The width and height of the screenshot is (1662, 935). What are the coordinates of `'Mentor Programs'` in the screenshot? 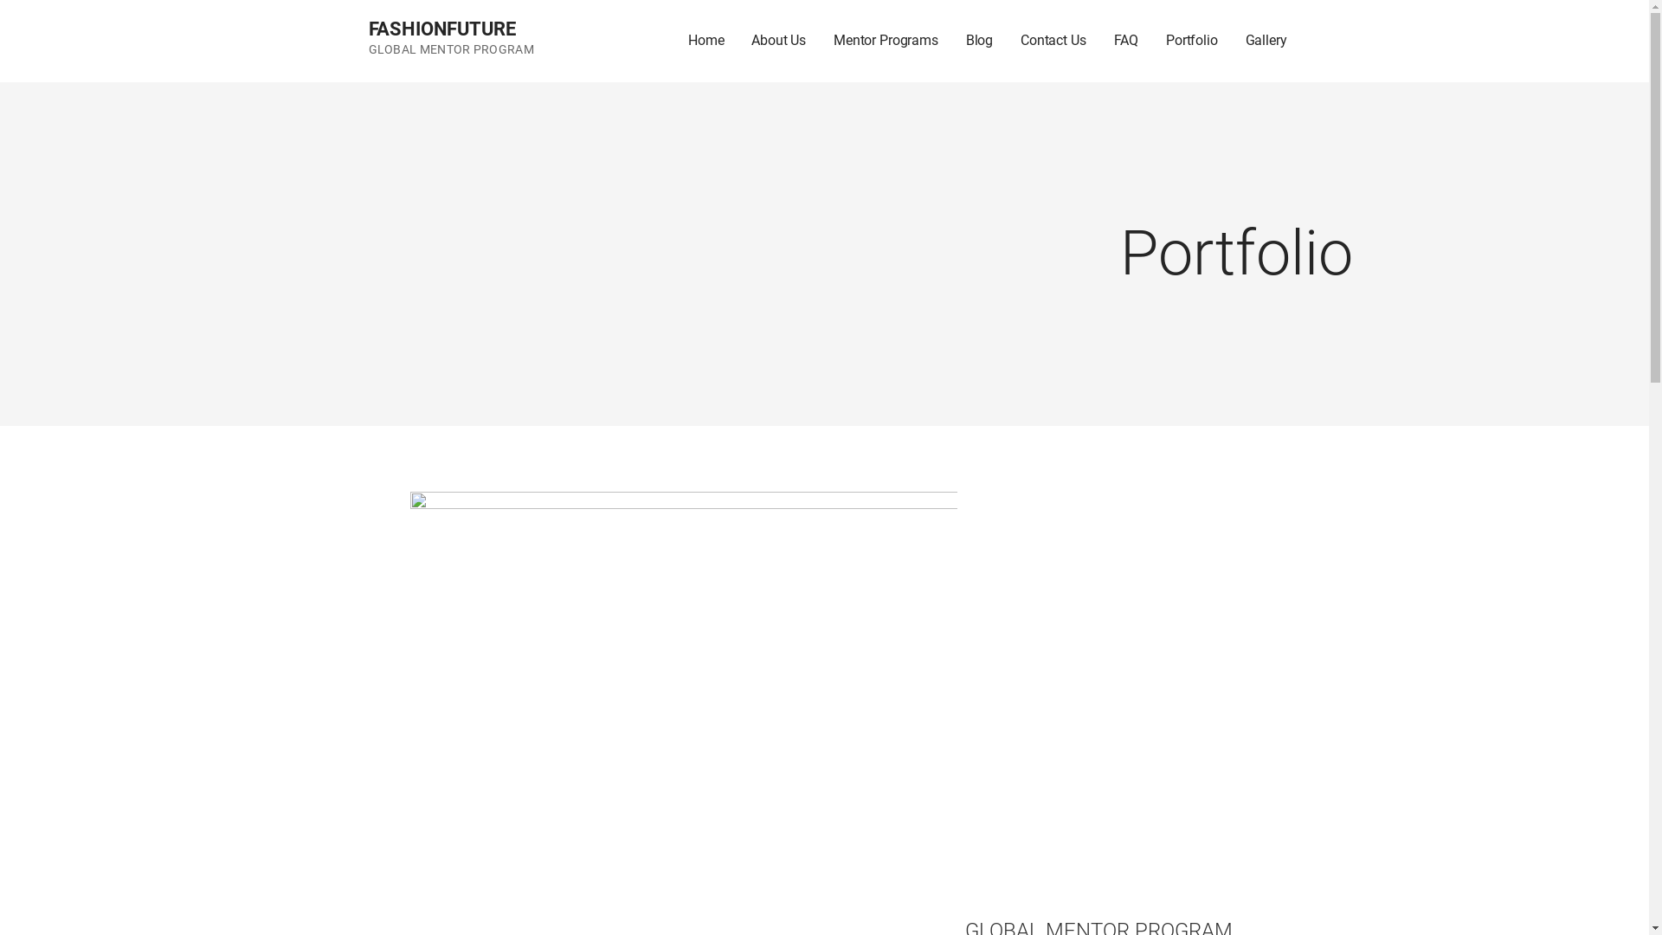 It's located at (886, 40).